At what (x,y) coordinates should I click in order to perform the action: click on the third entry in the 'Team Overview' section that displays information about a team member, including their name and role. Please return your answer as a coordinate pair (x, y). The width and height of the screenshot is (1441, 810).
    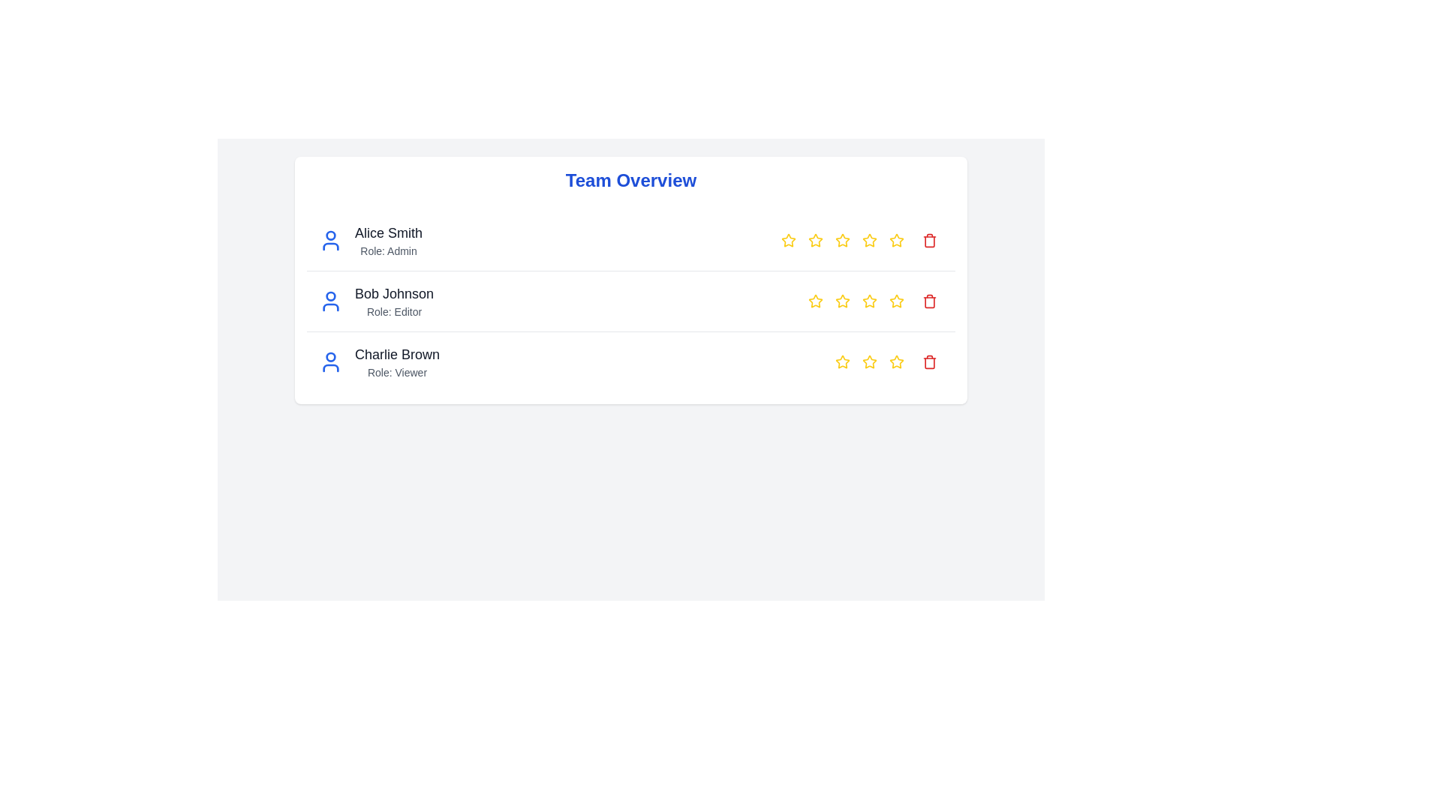
    Looking at the image, I should click on (379, 361).